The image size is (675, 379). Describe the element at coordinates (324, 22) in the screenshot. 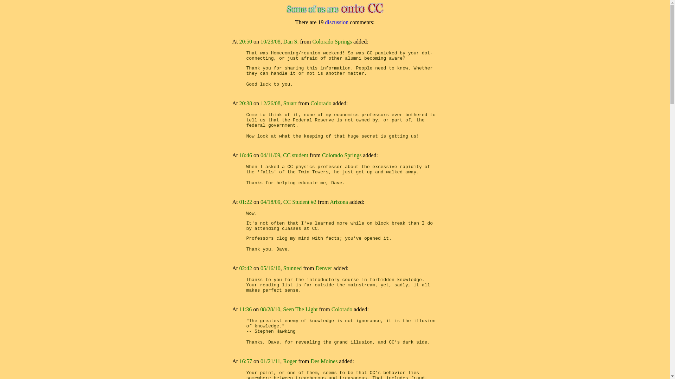

I see `'discussion'` at that location.